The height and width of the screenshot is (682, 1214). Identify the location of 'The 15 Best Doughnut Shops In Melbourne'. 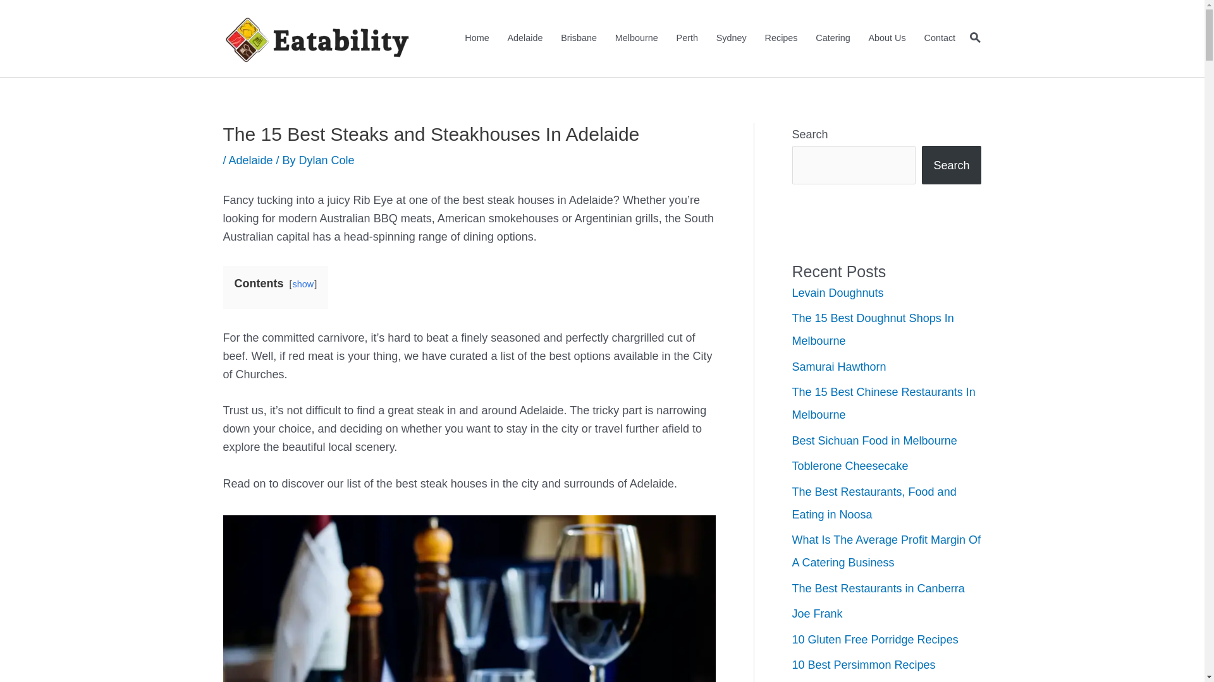
(872, 328).